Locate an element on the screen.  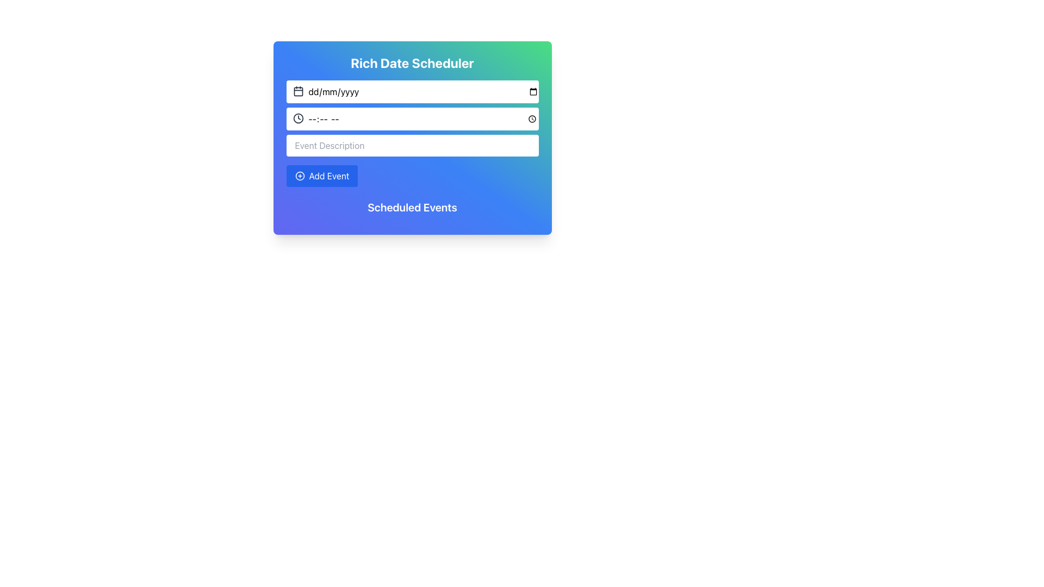
the circular SVG icon with a '+' symbol at its center, which is part of the 'Add Event' button, located to the left of the text 'Add Event' is located at coordinates (300, 176).